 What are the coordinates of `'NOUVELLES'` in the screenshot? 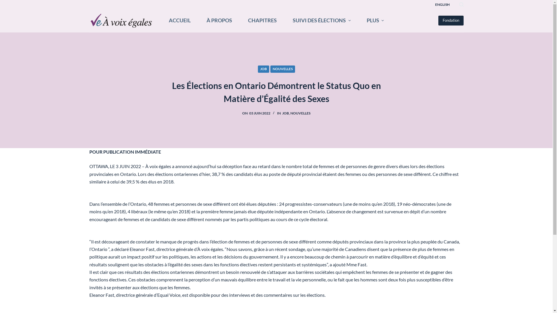 It's located at (300, 113).